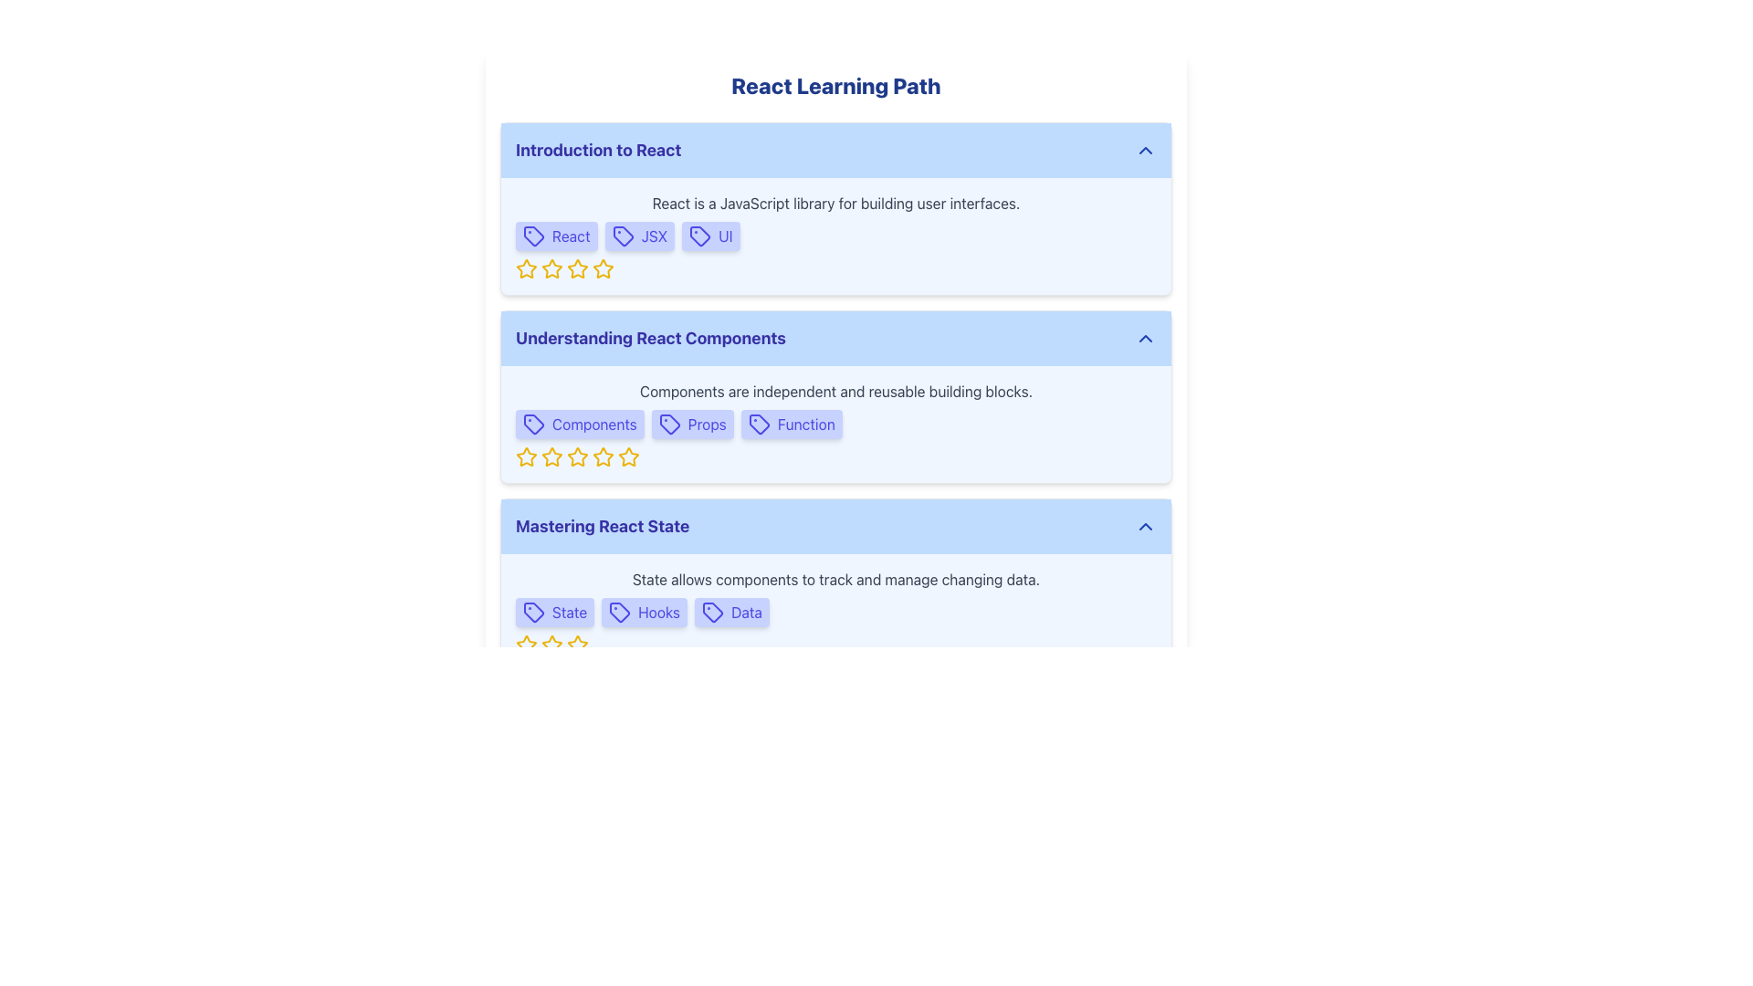 The image size is (1753, 986). Describe the element at coordinates (525, 644) in the screenshot. I see `the first star icon in the rating system located in the 'Mastering React State' section to rate it` at that location.